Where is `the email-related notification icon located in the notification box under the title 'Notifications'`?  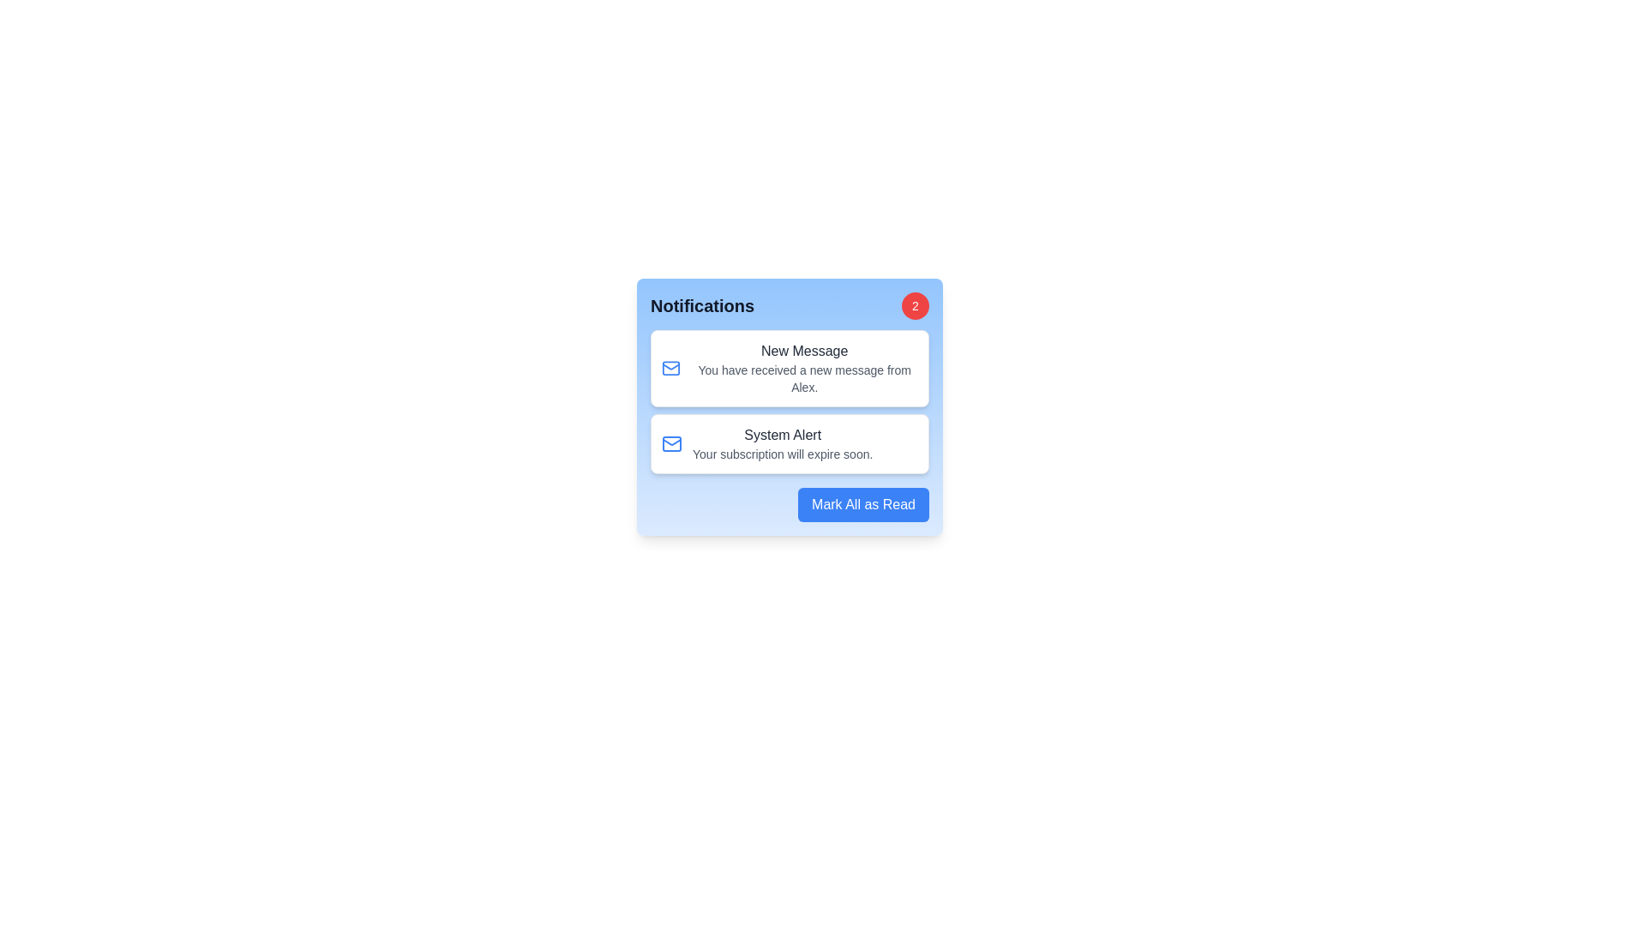 the email-related notification icon located in the notification box under the title 'Notifications' is located at coordinates (670, 442).